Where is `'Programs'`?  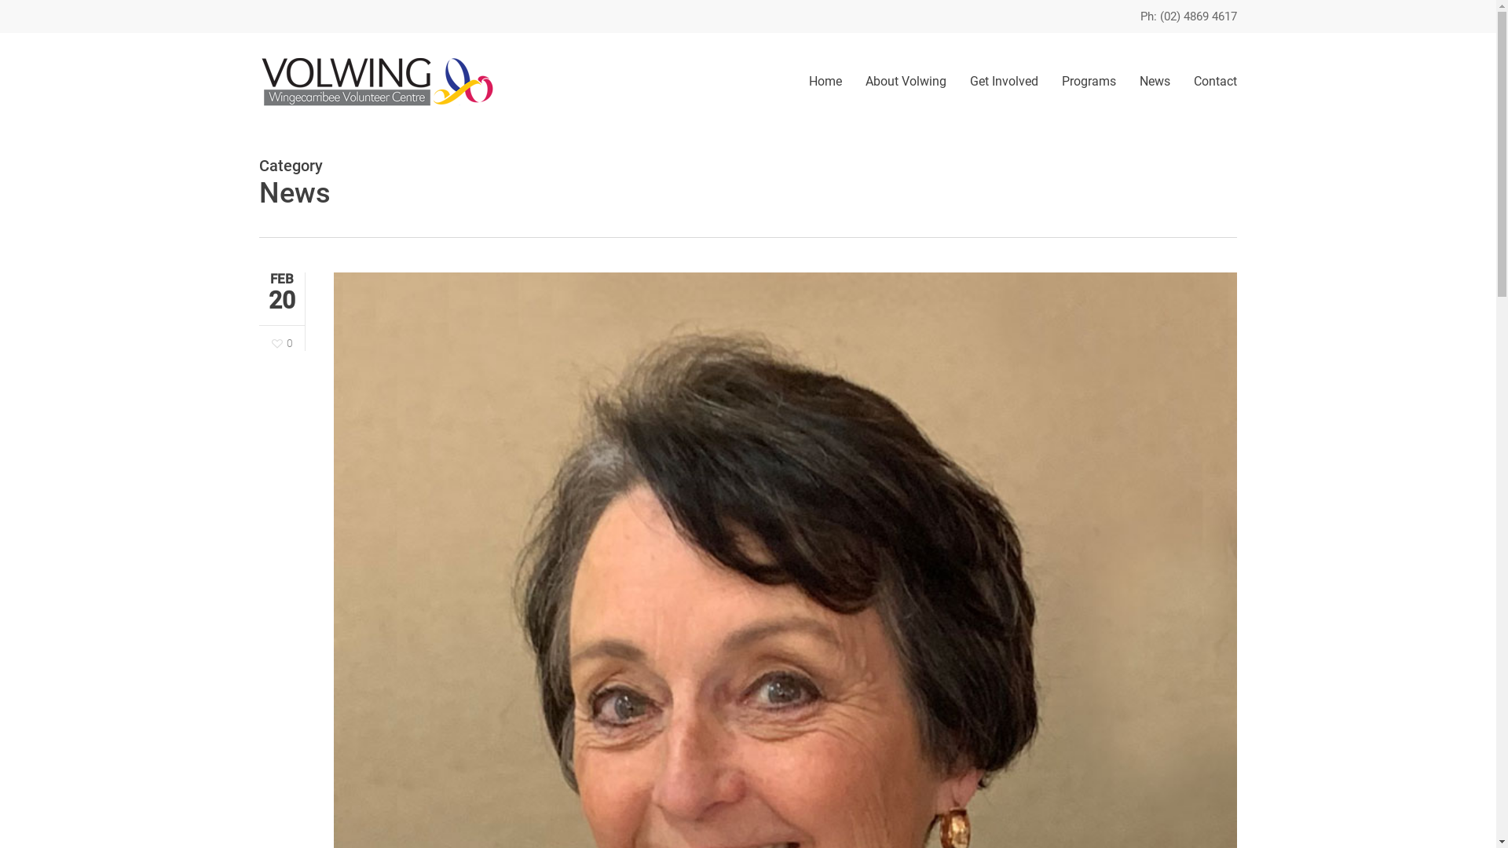 'Programs' is located at coordinates (1088, 81).